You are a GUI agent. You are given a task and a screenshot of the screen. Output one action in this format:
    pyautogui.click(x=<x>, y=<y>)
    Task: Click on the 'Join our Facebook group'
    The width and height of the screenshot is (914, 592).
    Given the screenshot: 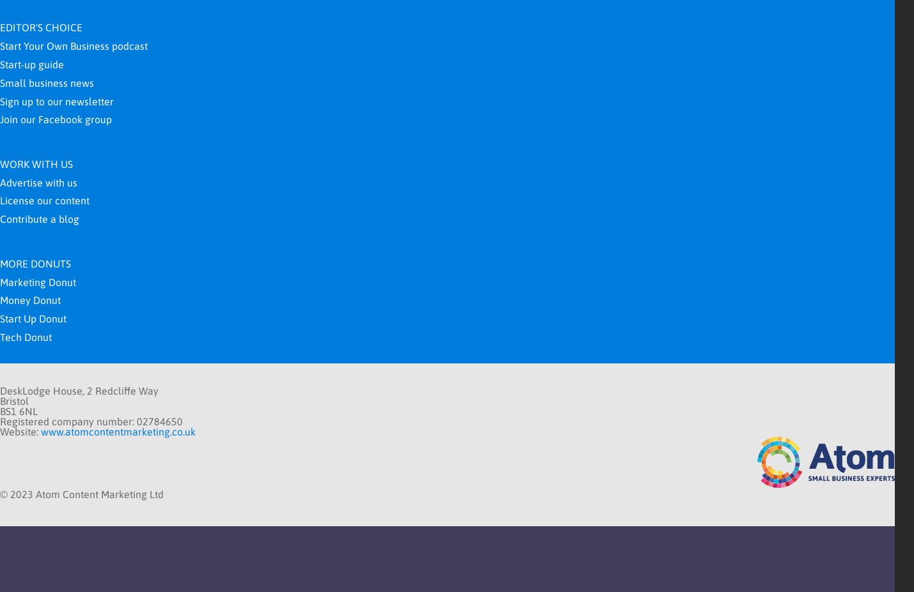 What is the action you would take?
    pyautogui.click(x=55, y=119)
    